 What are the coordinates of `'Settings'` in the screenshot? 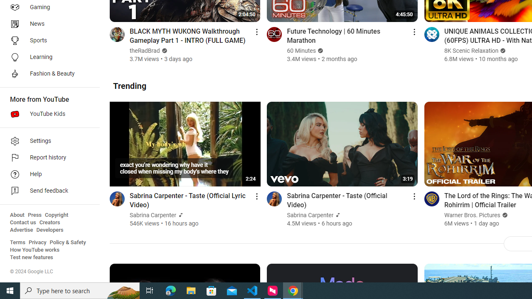 It's located at (47, 140).